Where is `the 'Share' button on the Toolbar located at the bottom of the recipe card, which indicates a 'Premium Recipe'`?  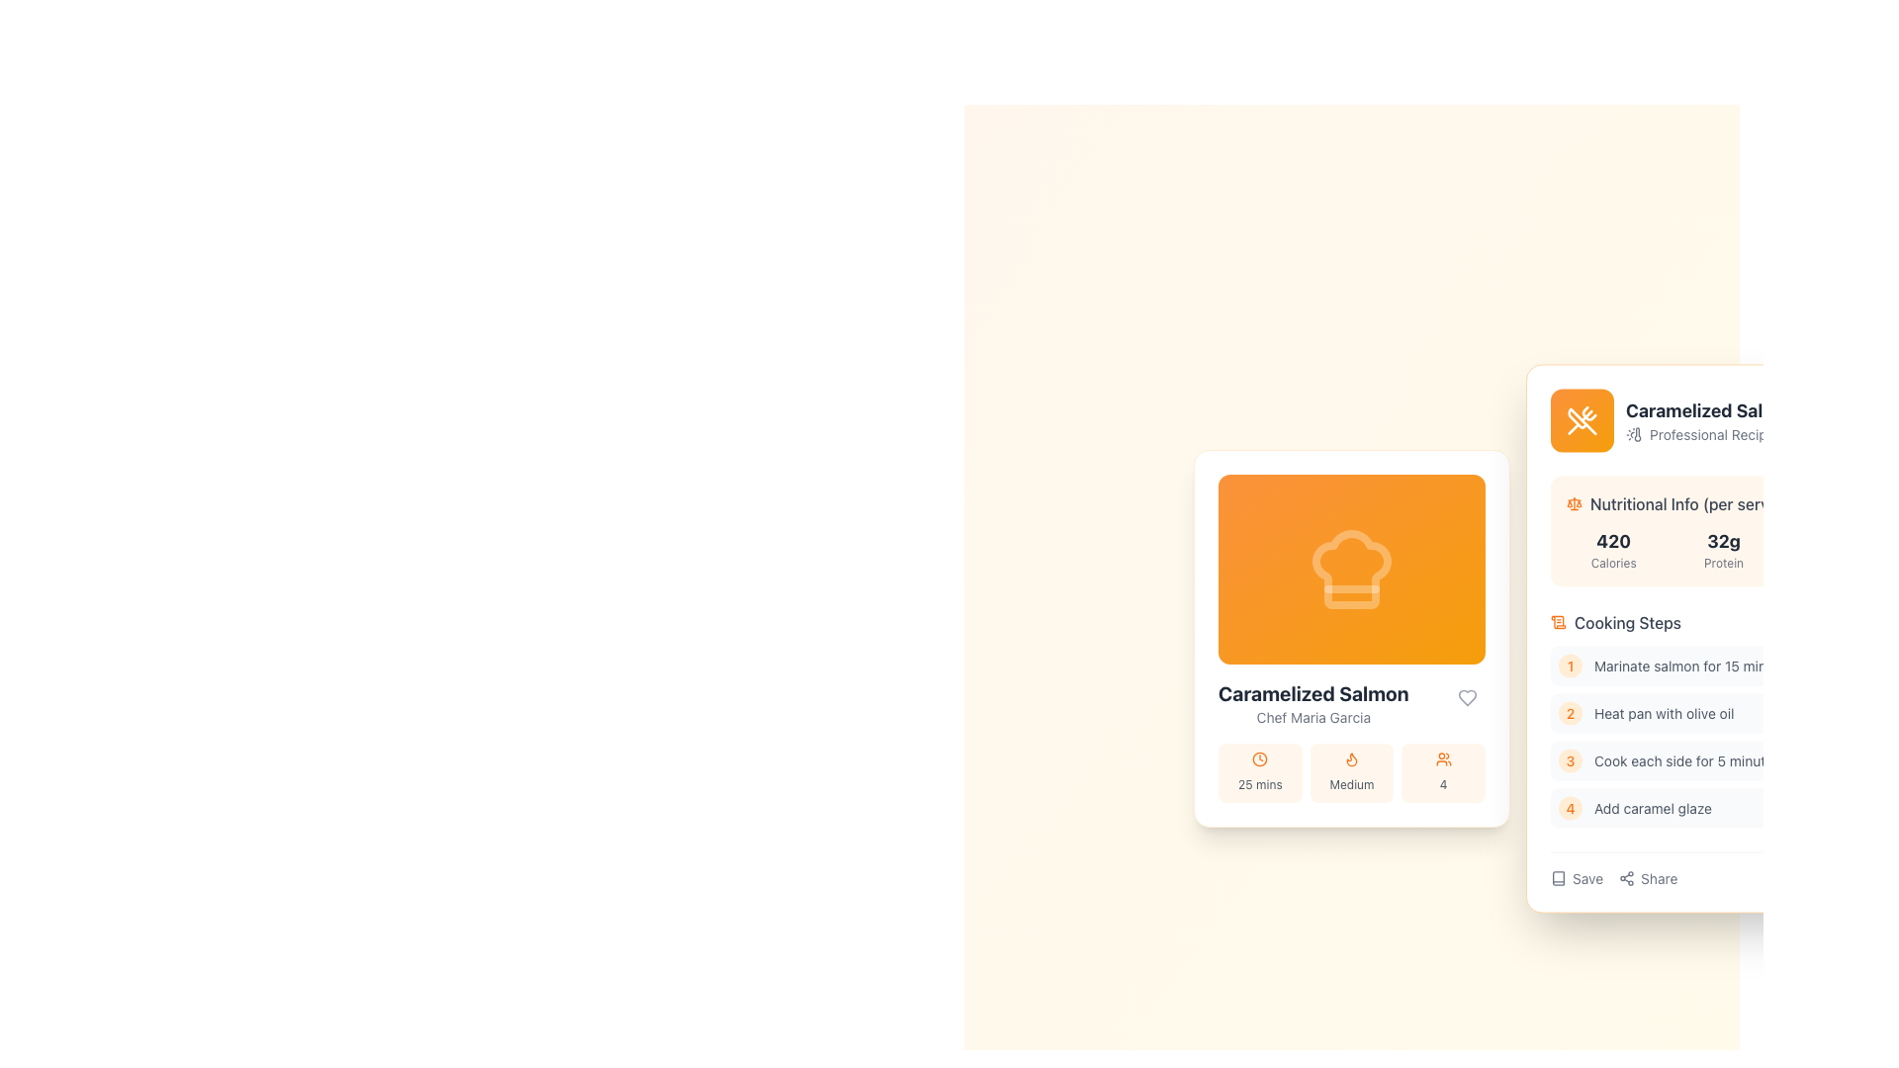 the 'Share' button on the Toolbar located at the bottom of the recipe card, which indicates a 'Premium Recipe' is located at coordinates (1722, 868).